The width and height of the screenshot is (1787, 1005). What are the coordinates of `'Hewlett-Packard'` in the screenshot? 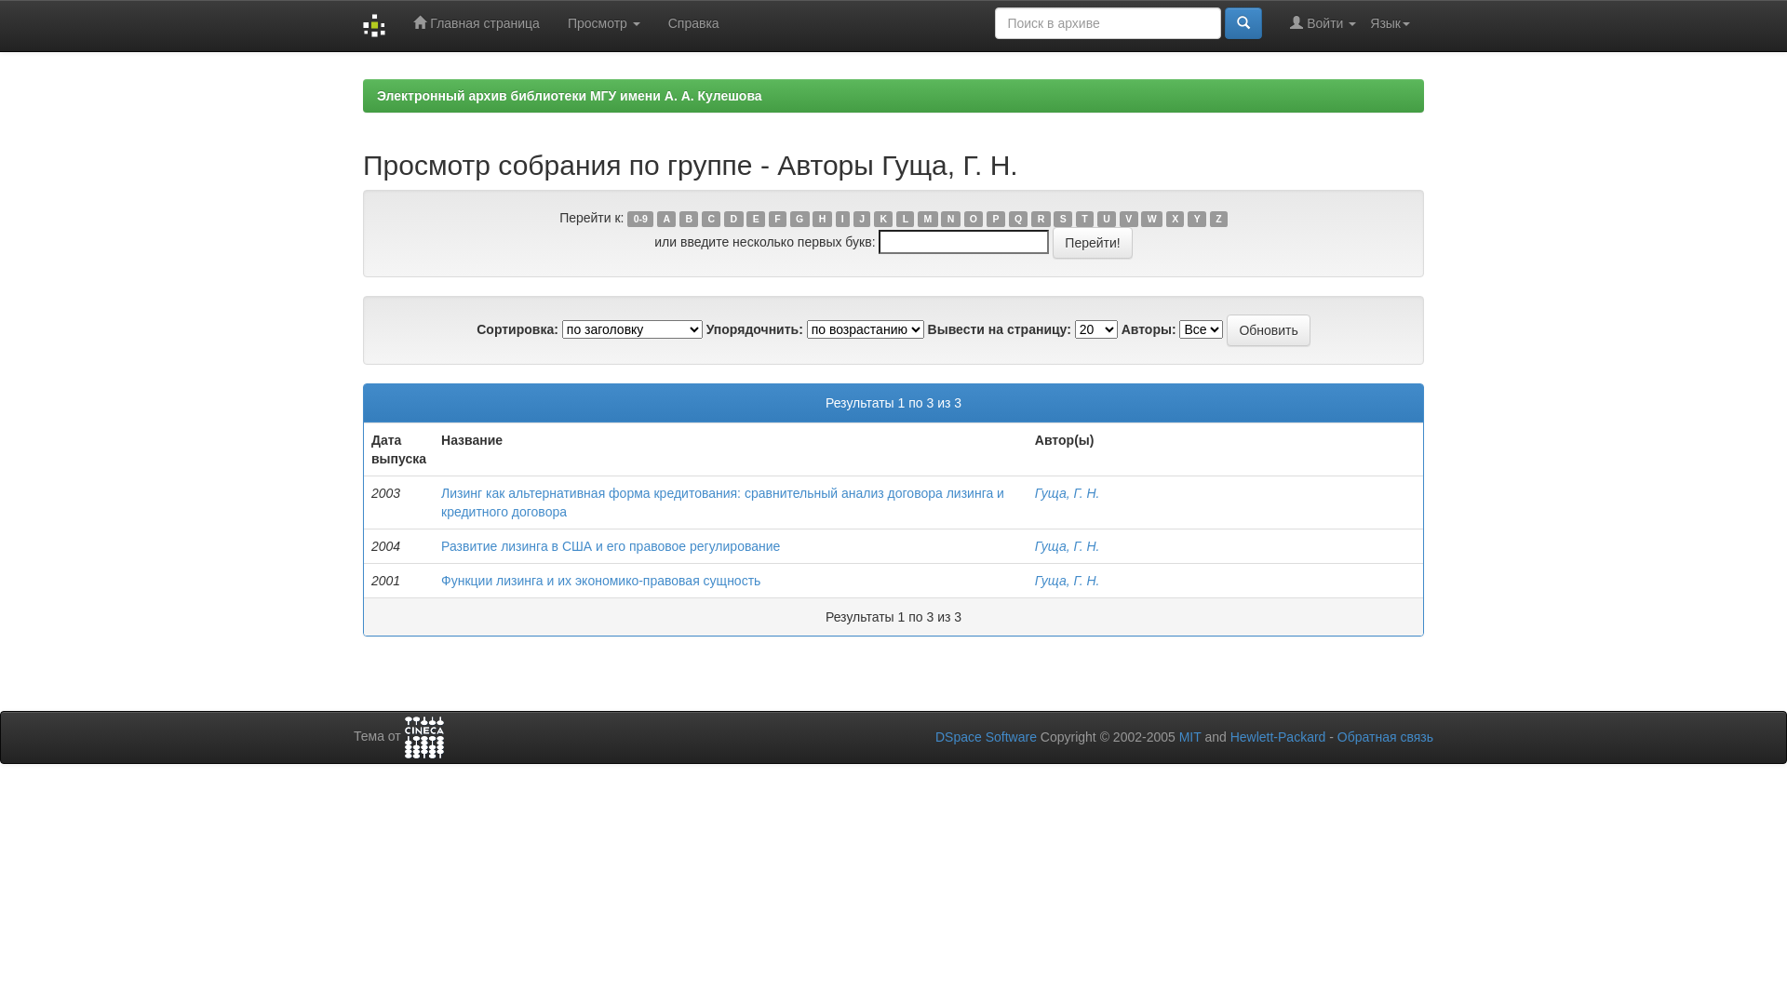 It's located at (1277, 735).